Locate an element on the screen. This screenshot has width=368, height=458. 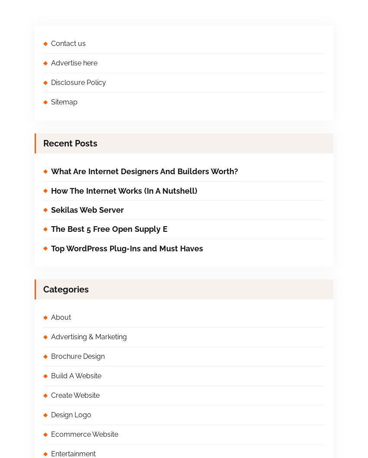
'Contact us' is located at coordinates (68, 43).